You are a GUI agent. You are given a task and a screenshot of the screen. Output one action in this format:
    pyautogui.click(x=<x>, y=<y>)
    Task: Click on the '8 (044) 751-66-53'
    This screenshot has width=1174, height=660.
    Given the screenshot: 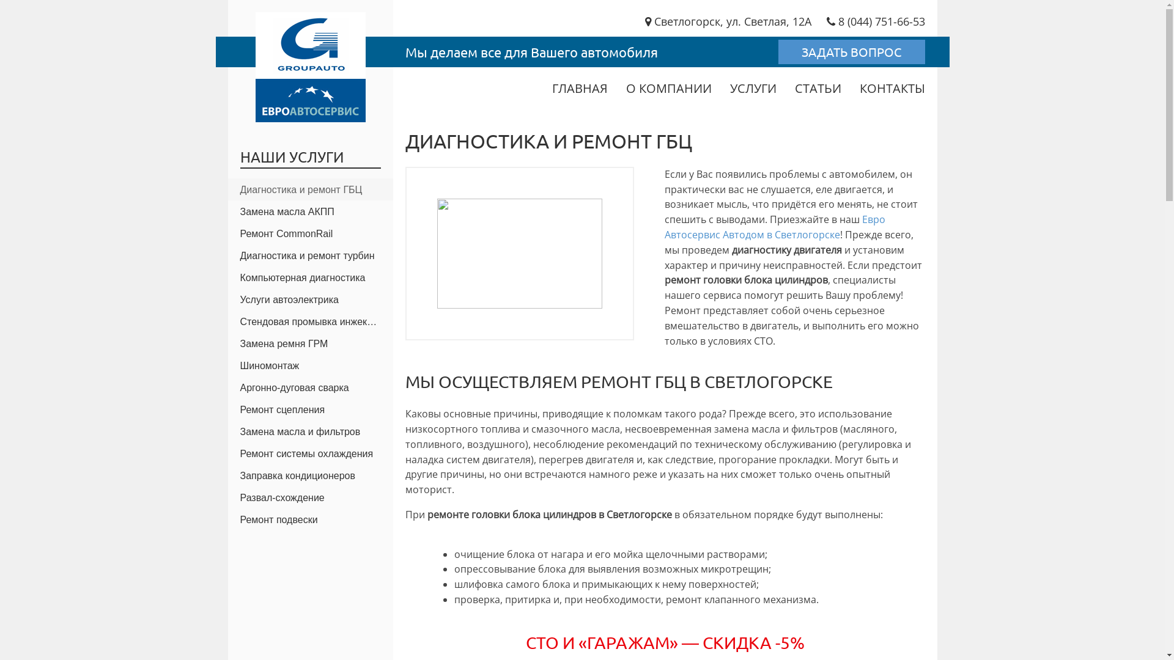 What is the action you would take?
    pyautogui.click(x=875, y=21)
    